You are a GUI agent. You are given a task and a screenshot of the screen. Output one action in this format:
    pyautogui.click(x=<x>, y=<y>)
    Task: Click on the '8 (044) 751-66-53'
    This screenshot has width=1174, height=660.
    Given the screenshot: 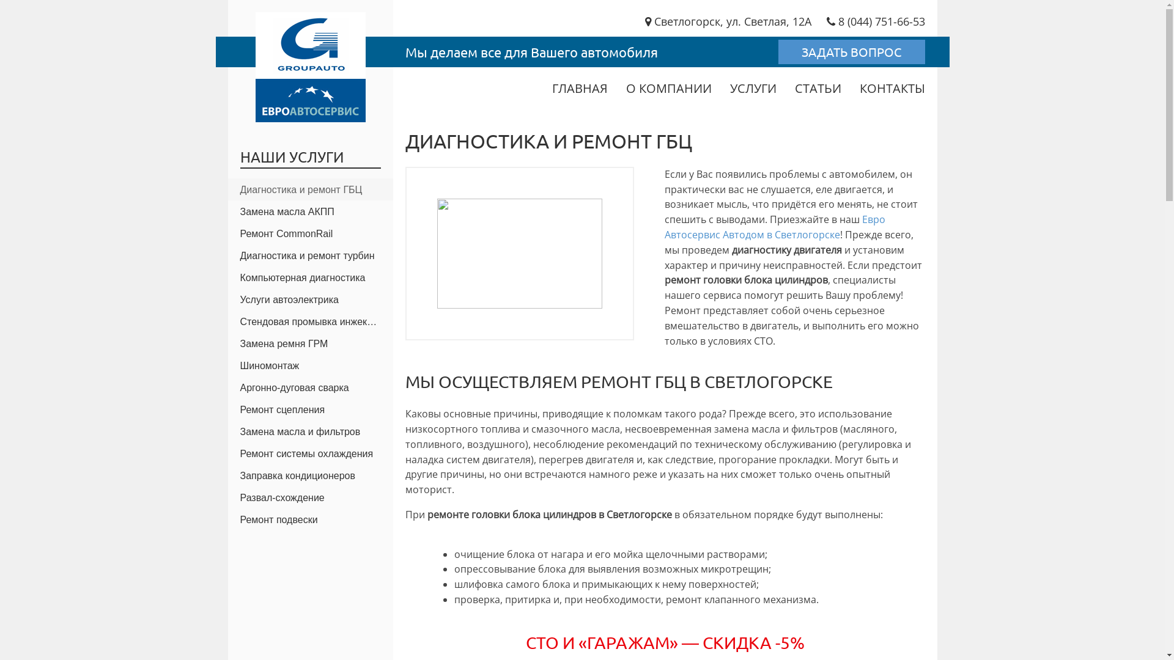 What is the action you would take?
    pyautogui.click(x=875, y=21)
    